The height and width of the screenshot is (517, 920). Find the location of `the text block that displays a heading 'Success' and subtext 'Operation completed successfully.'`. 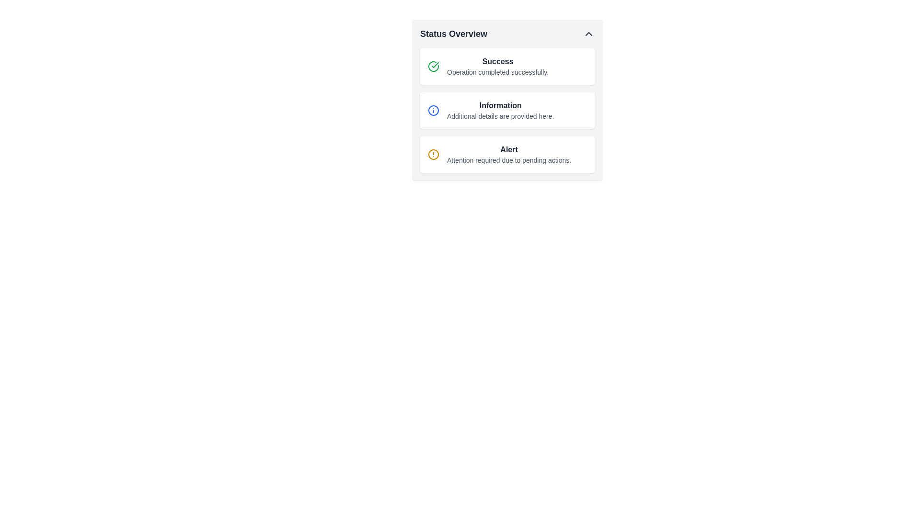

the text block that displays a heading 'Success' and subtext 'Operation completed successfully.' is located at coordinates (498, 66).